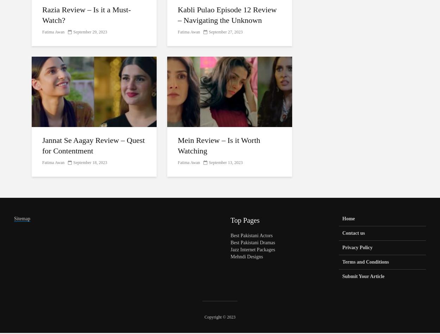 The width and height of the screenshot is (440, 334). Describe the element at coordinates (363, 276) in the screenshot. I see `'Submit Your Article'` at that location.